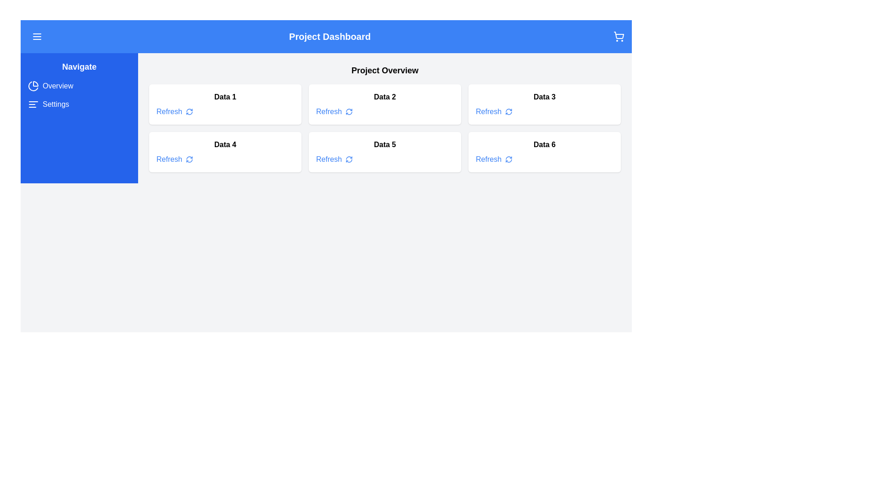 Image resolution: width=881 pixels, height=495 pixels. What do you see at coordinates (35, 84) in the screenshot?
I see `the semi-circular icon component located in the left navigation bar under the header 'Navigate,' next to the 'Overview' option` at bounding box center [35, 84].